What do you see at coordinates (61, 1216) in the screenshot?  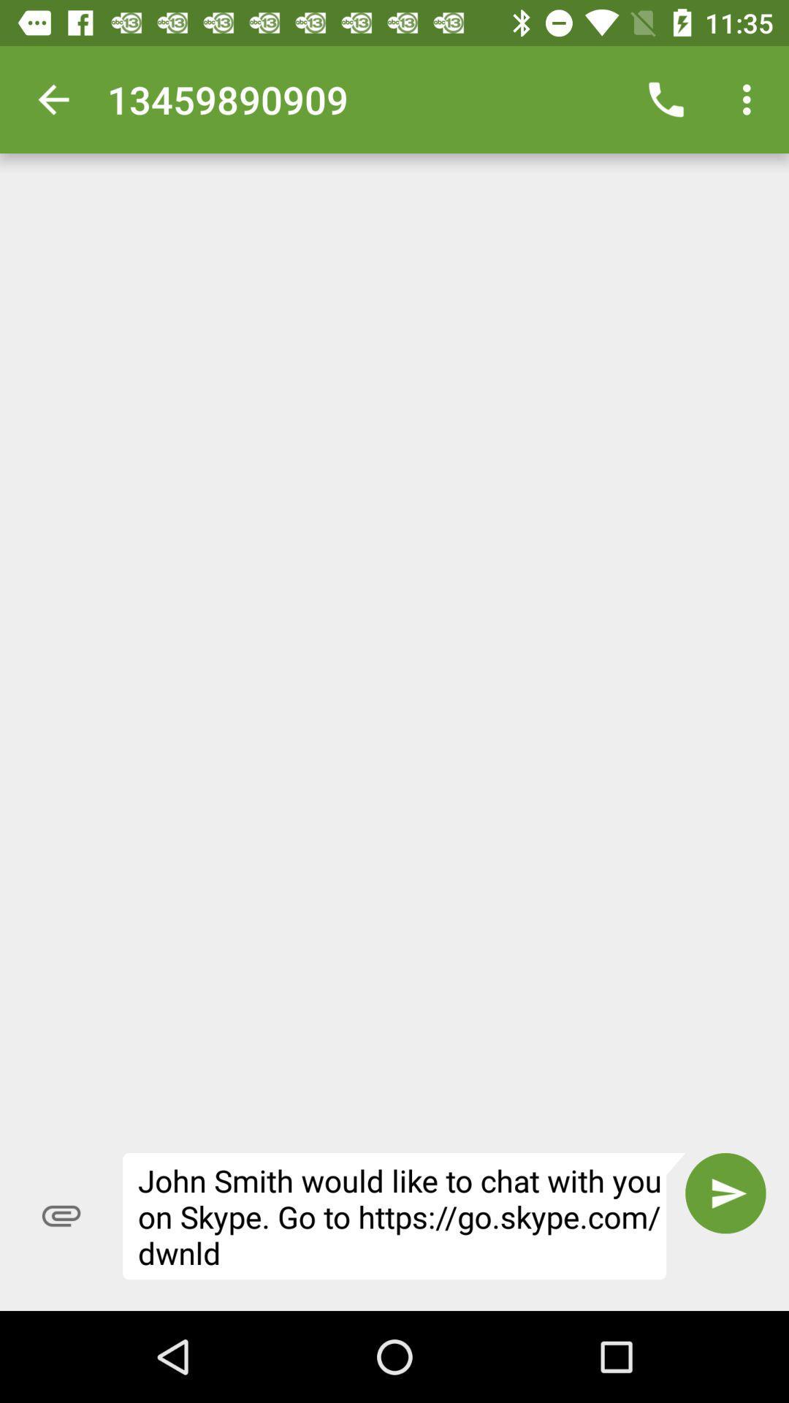 I see `icon next to john smith would item` at bounding box center [61, 1216].